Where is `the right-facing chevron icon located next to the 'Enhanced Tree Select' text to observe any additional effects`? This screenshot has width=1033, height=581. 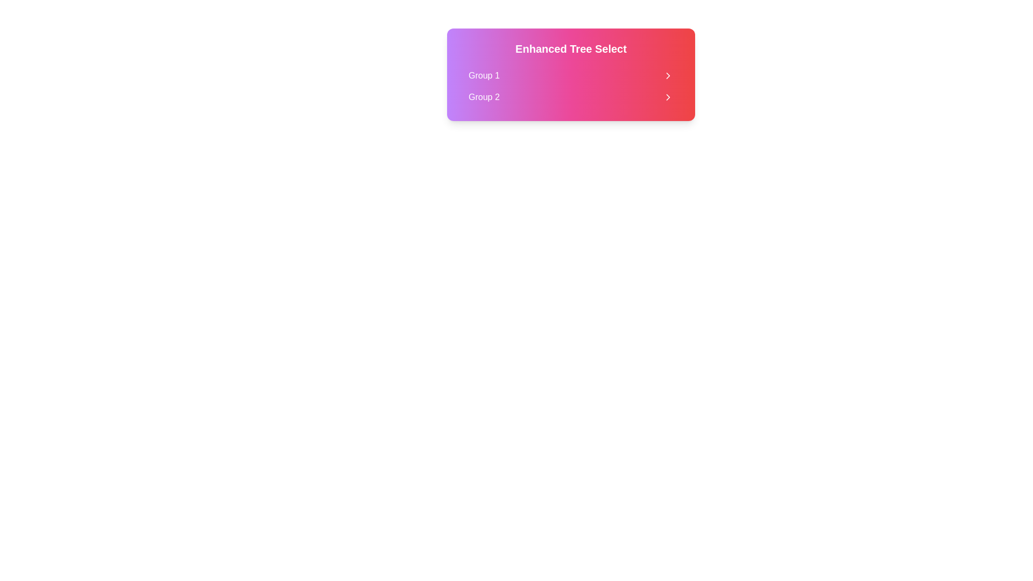
the right-facing chevron icon located next to the 'Enhanced Tree Select' text to observe any additional effects is located at coordinates (668, 75).